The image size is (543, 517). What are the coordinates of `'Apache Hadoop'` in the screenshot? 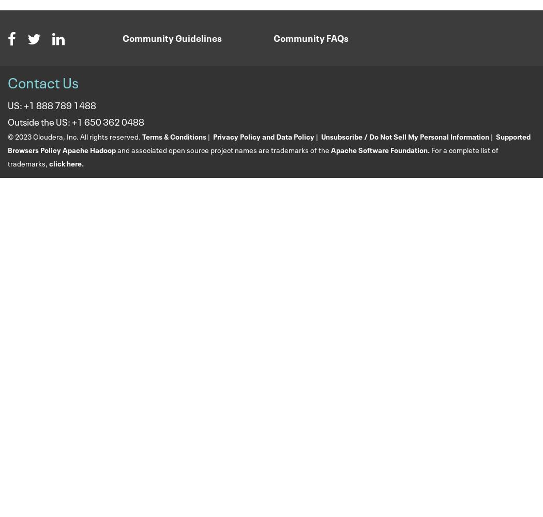 It's located at (89, 149).